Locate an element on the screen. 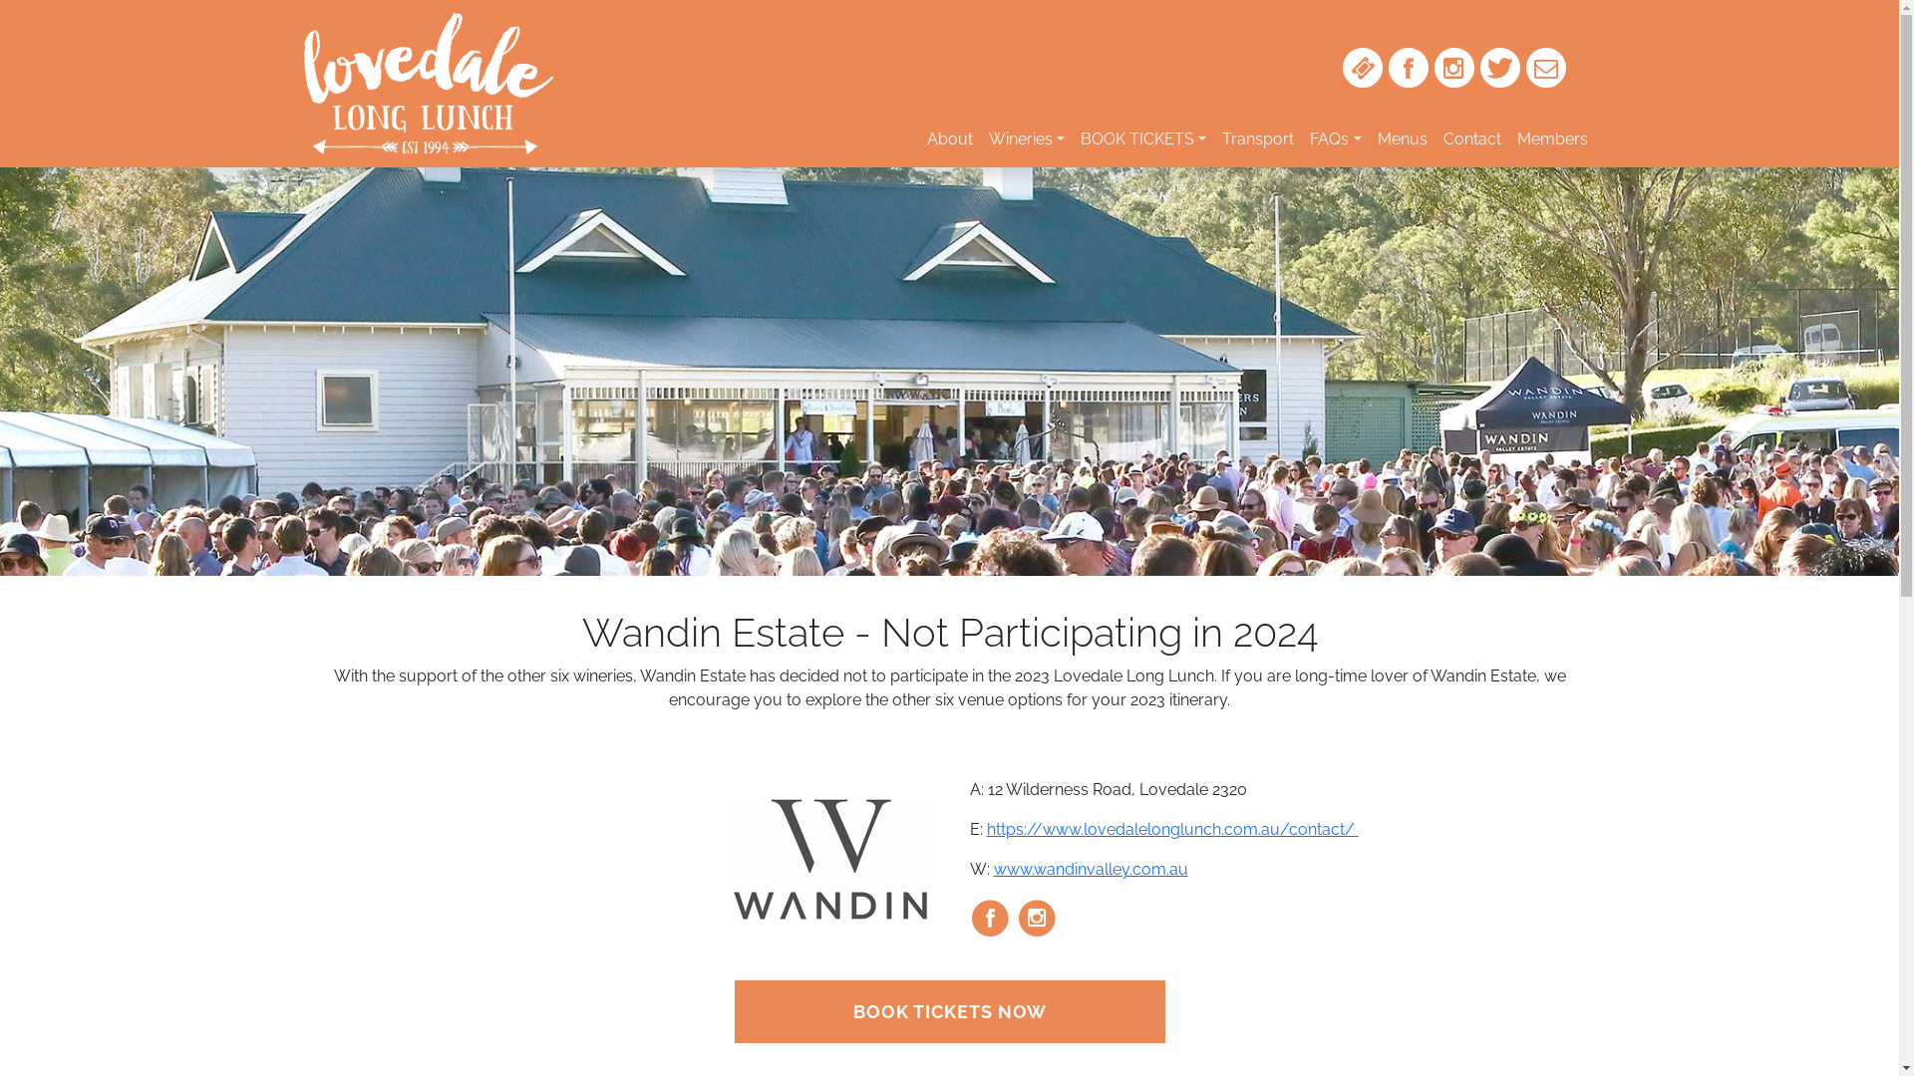 The width and height of the screenshot is (1914, 1076). 'BOOK TICKETS NOW' is located at coordinates (947, 1011).